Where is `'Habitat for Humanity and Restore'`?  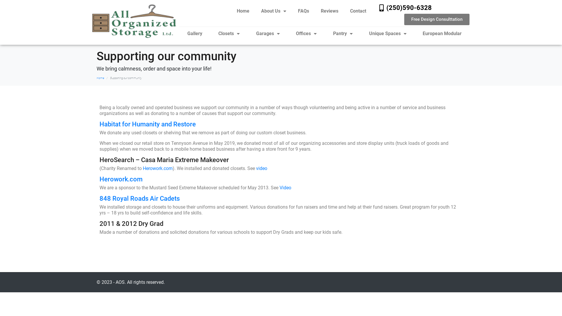
'Habitat for Humanity and Restore' is located at coordinates (100, 124).